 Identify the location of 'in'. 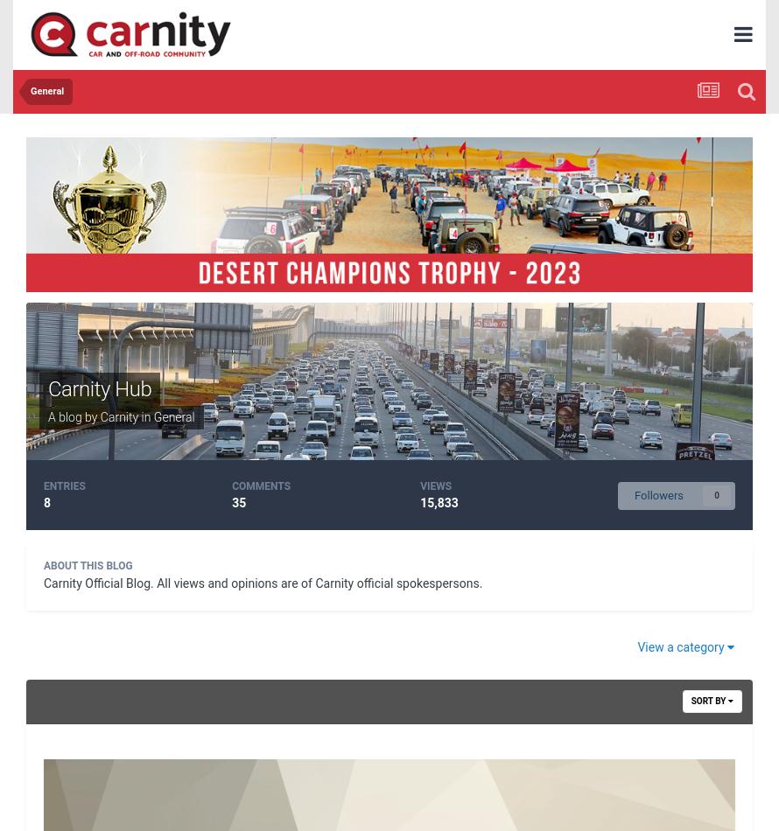
(145, 416).